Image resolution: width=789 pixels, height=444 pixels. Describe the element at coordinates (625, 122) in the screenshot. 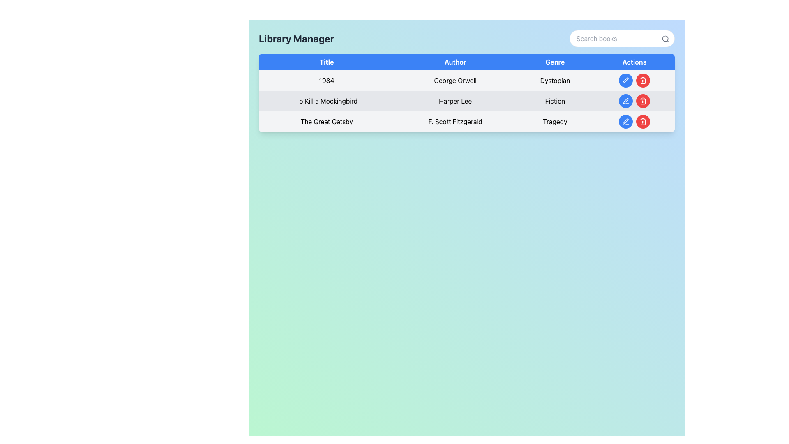

I see `the circular blue button with a white pen icon in its center, located in the 'Actions' column of the last row corresponding to 'The Great Gatsby'` at that location.